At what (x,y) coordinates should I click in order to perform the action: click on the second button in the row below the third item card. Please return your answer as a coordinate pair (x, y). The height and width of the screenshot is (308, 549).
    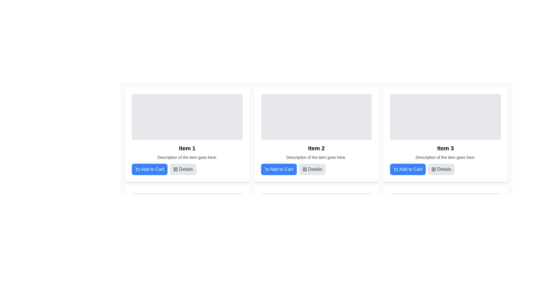
    Looking at the image, I should click on (441, 169).